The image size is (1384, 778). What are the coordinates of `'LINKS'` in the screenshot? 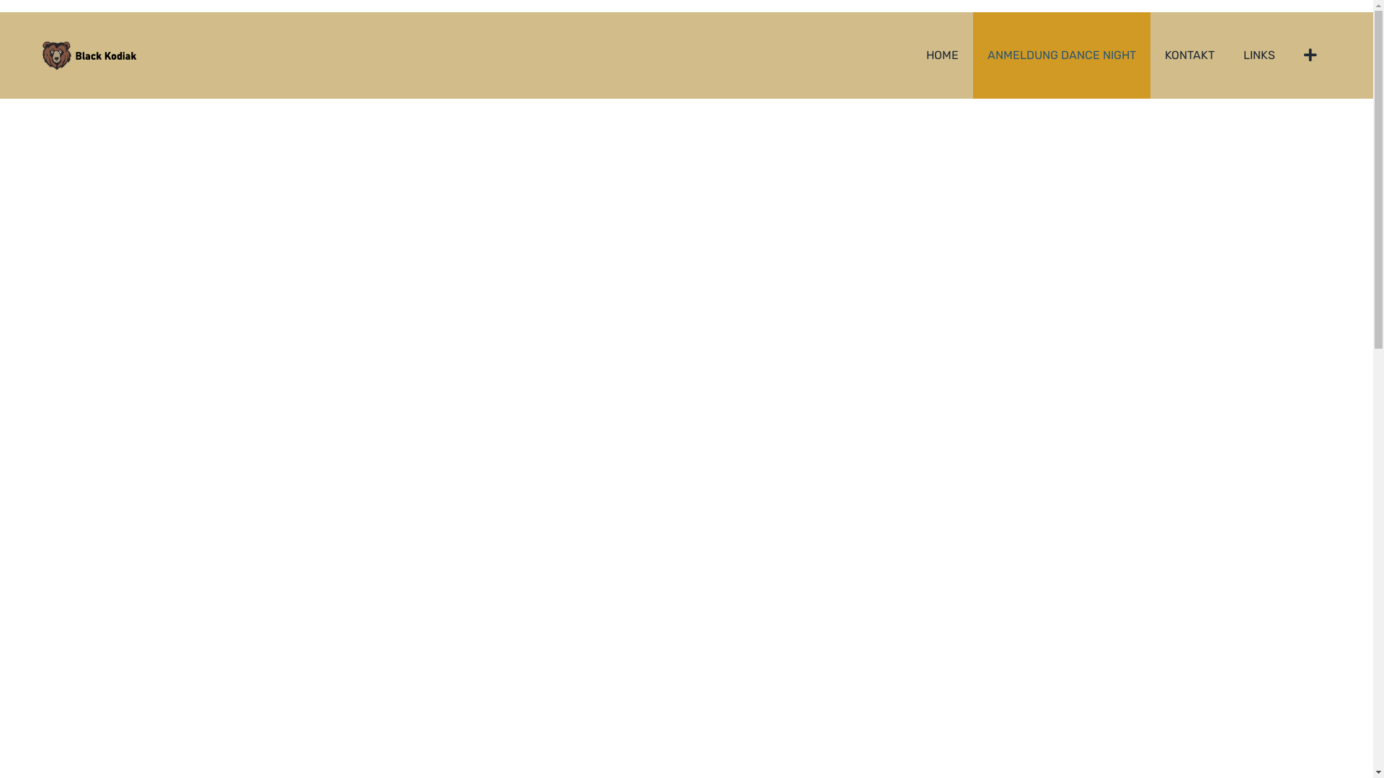 It's located at (1228, 55).